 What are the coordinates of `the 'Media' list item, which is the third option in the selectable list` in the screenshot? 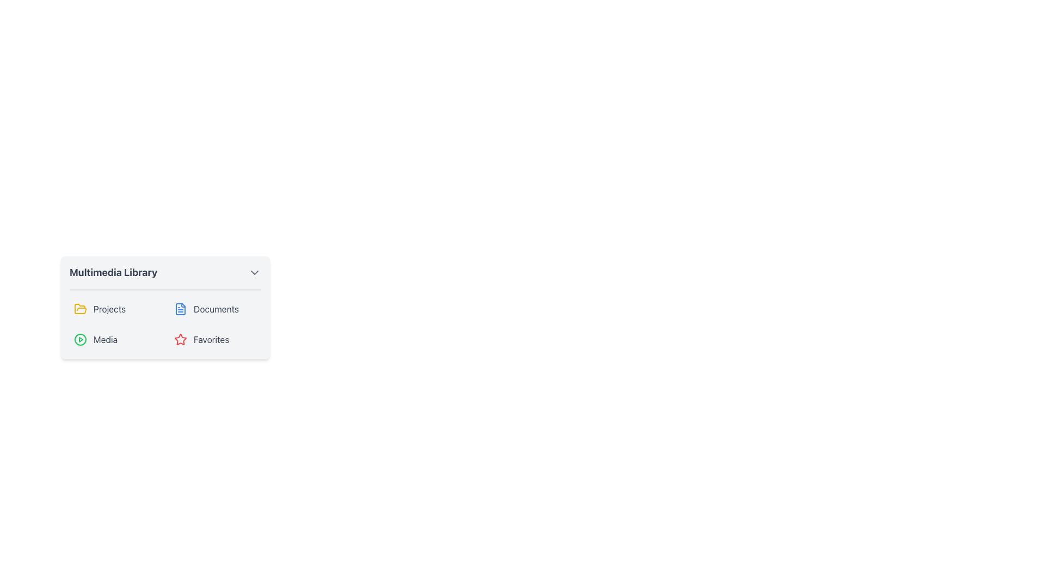 It's located at (115, 339).